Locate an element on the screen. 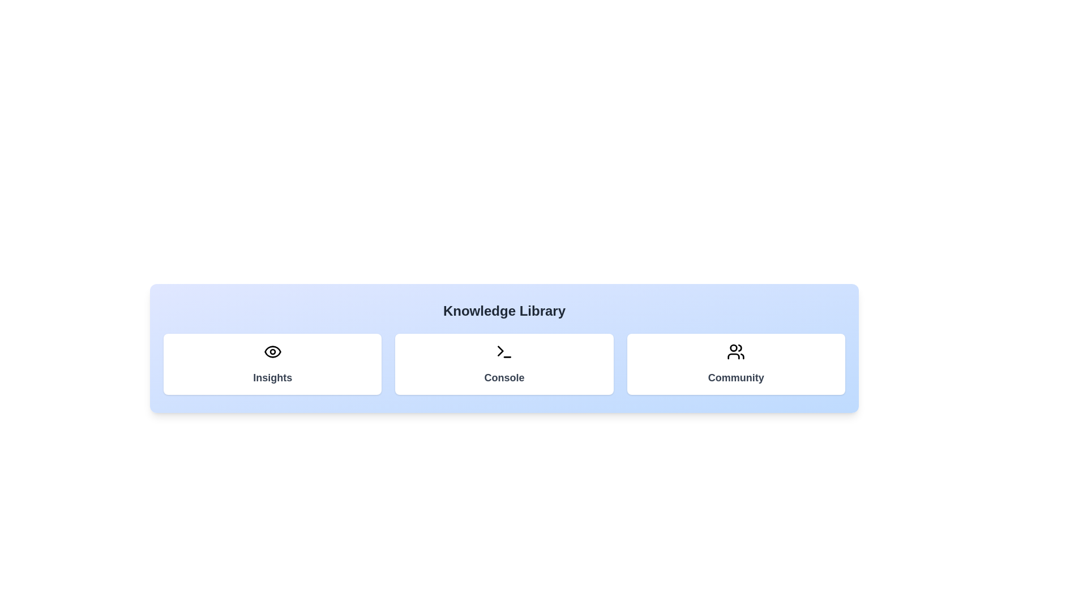  the 'Console' interactive icon located at the center of the card in the middle row of the grid under the 'Knowledge Library' header is located at coordinates (504, 351).